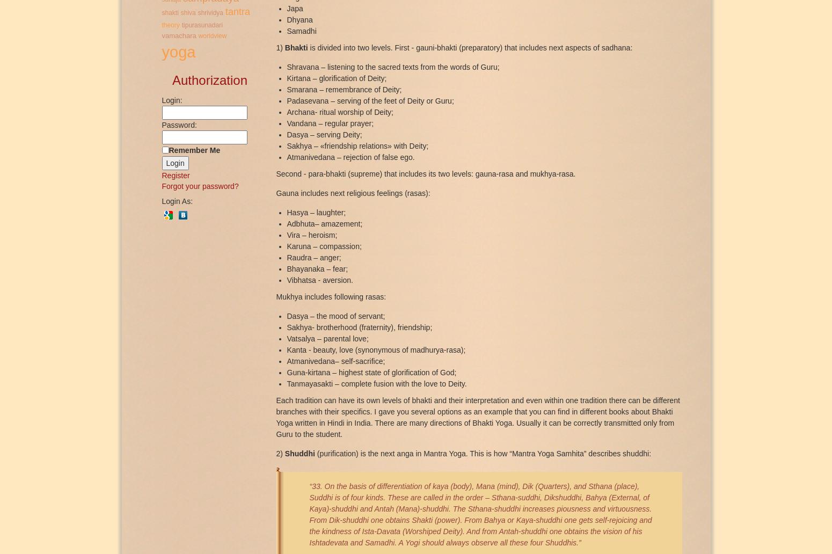 The height and width of the screenshot is (554, 832). I want to click on 'Tanmayasakti – complete fusion with the love to Deity.', so click(376, 383).